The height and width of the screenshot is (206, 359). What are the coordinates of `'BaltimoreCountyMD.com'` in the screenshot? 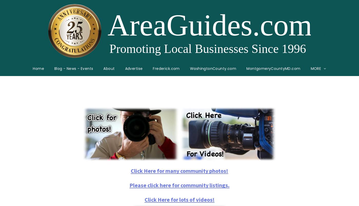 It's located at (247, 132).